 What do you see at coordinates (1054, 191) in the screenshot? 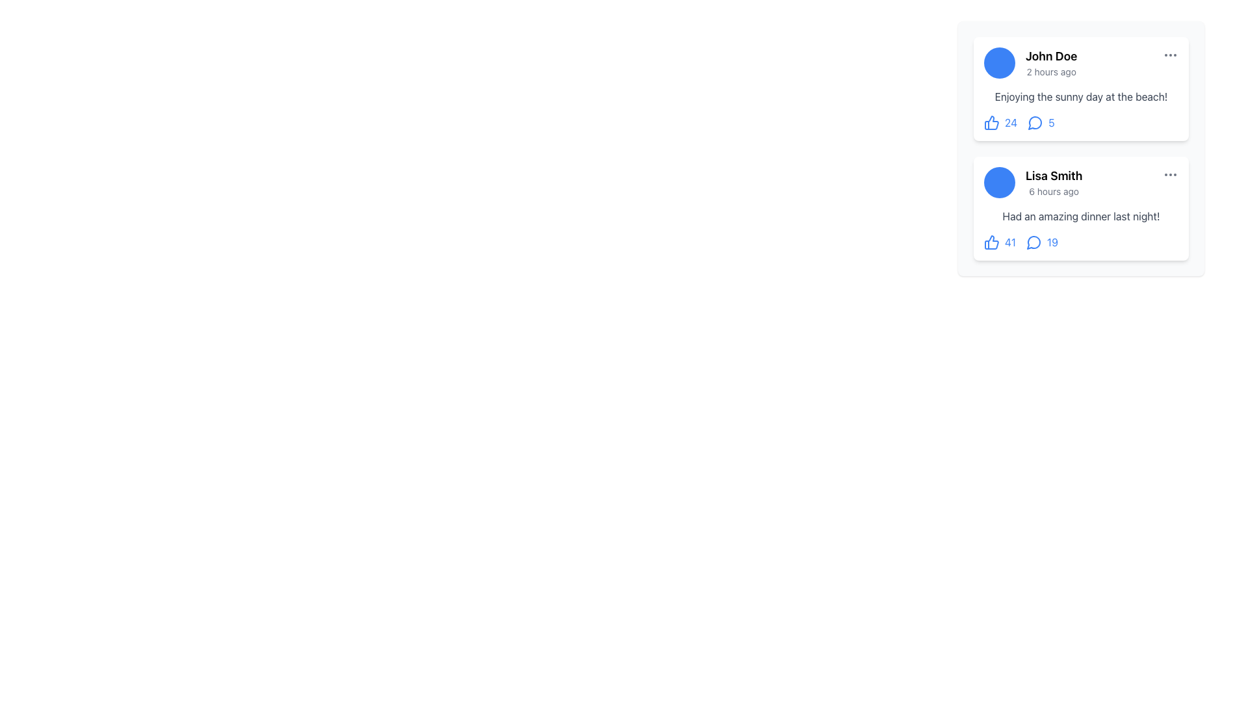
I see `the timestamp text label indicating when the post was created, located below the 'Lisa Smith' name and above the post content` at bounding box center [1054, 191].